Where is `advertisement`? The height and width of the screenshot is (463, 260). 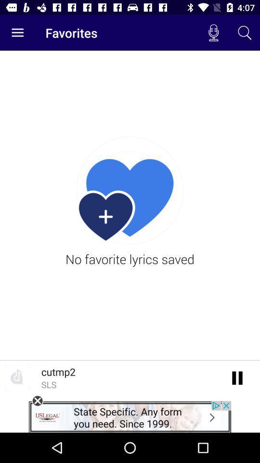
advertisement is located at coordinates (130, 416).